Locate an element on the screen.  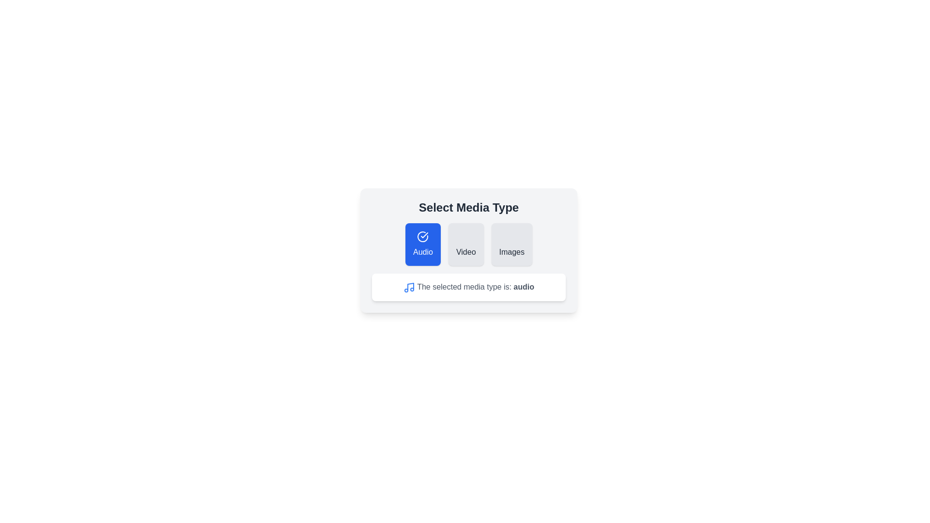
the rounded rectangular button with a blue background and white text reading 'Audio' is located at coordinates (423, 244).